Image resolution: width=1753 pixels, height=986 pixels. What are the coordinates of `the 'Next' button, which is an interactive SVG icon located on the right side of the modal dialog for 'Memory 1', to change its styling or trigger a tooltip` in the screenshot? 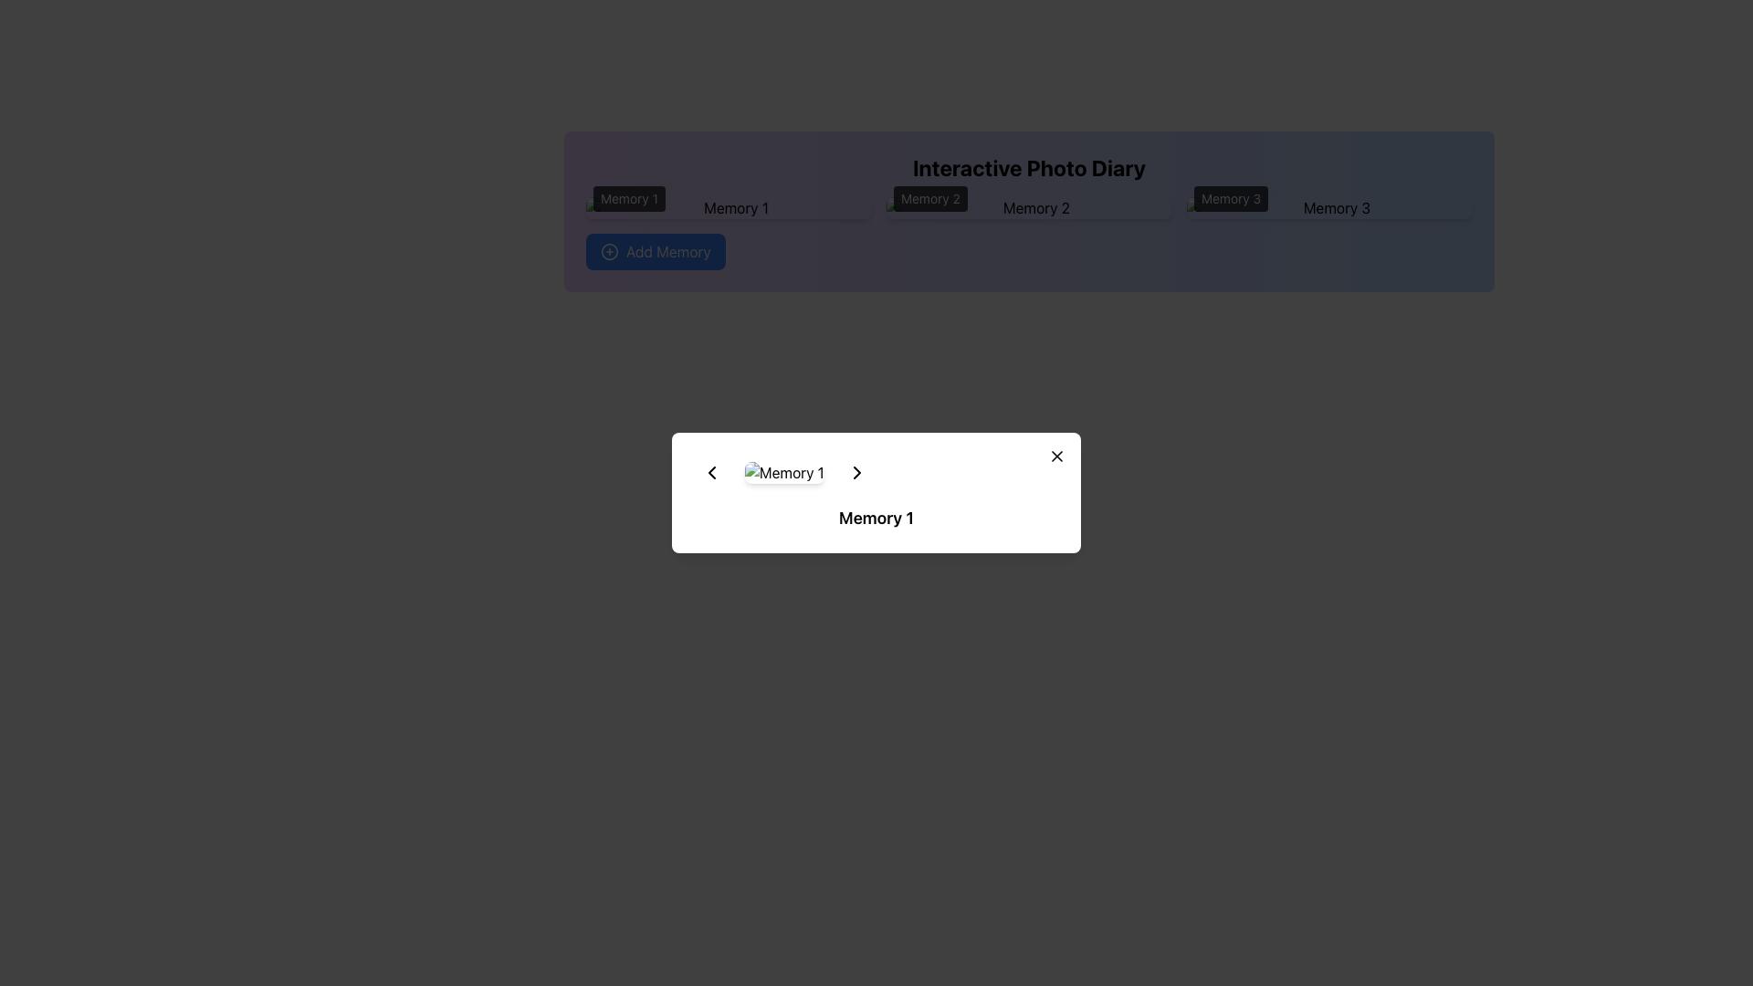 It's located at (856, 471).